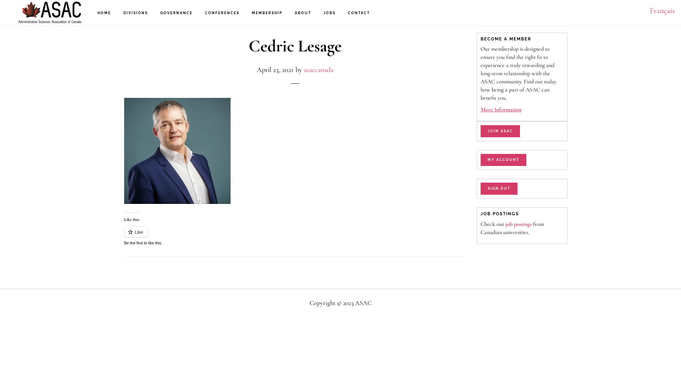 This screenshot has height=383, width=681. Describe the element at coordinates (498, 188) in the screenshot. I see `'SIGN OUT'` at that location.